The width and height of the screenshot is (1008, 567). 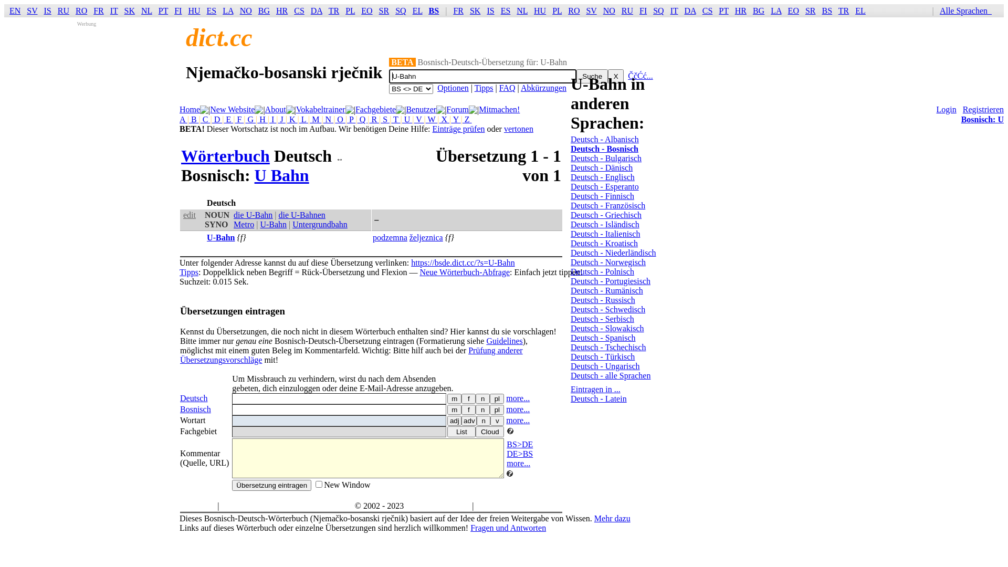 I want to click on 'pl', so click(x=496, y=409).